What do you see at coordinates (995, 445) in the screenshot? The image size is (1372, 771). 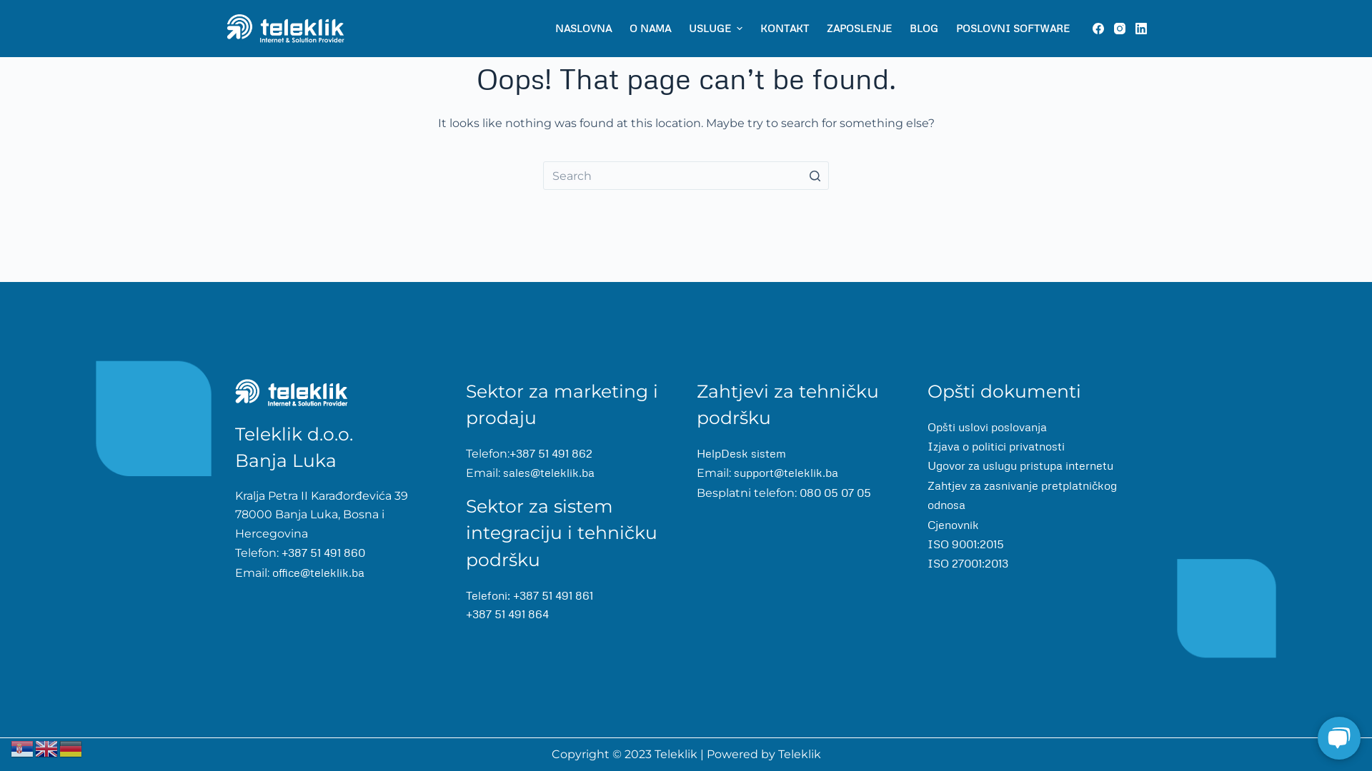 I see `'Izjava o politici privatnosti'` at bounding box center [995, 445].